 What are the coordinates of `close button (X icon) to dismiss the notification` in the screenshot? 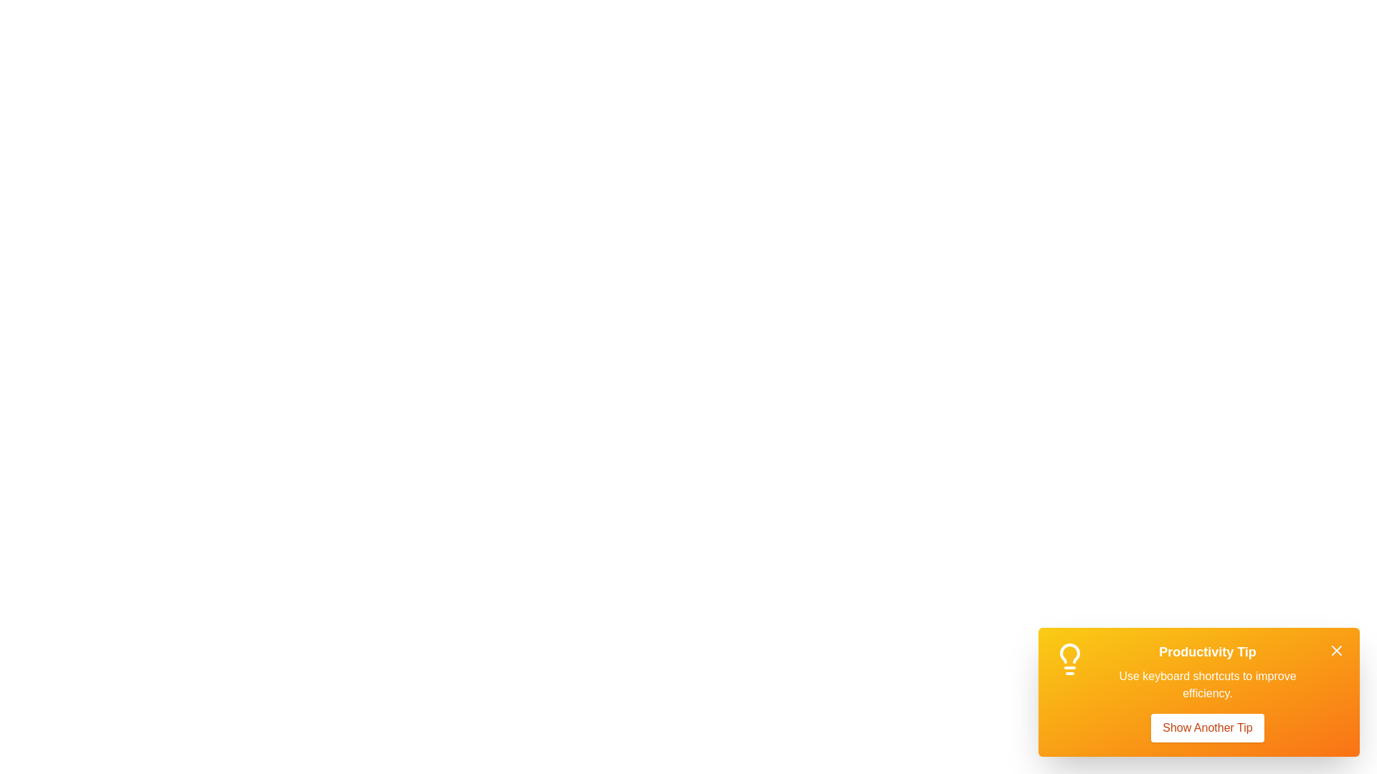 It's located at (1335, 650).